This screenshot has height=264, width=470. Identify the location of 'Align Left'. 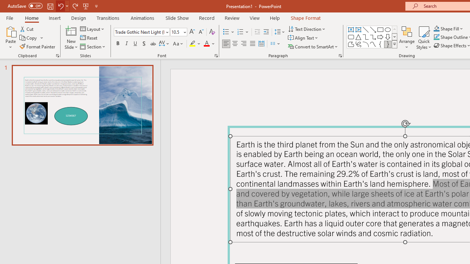
(226, 44).